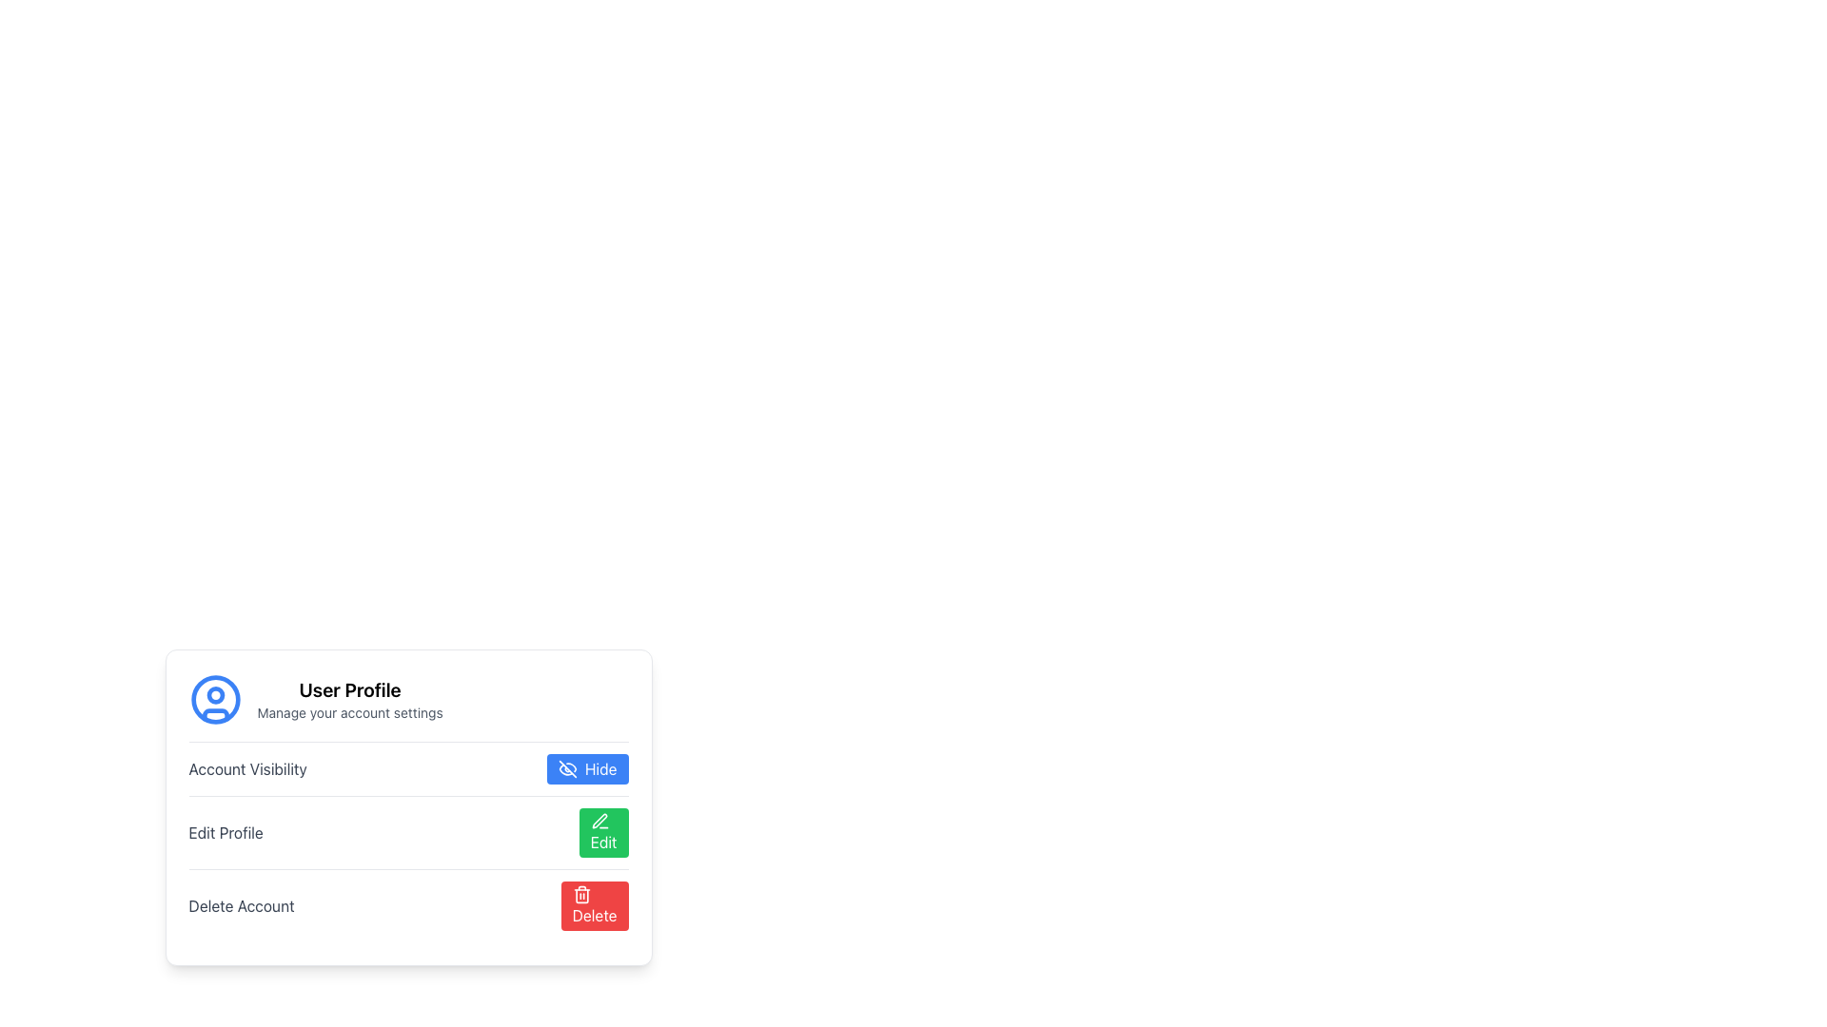  I want to click on the small blue circular icon that represents the head of a person in the user profile image, which is centered within the larger circular structure, so click(215, 695).